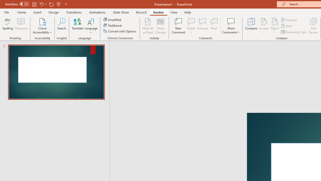  I want to click on 'Convert with Options...', so click(120, 31).